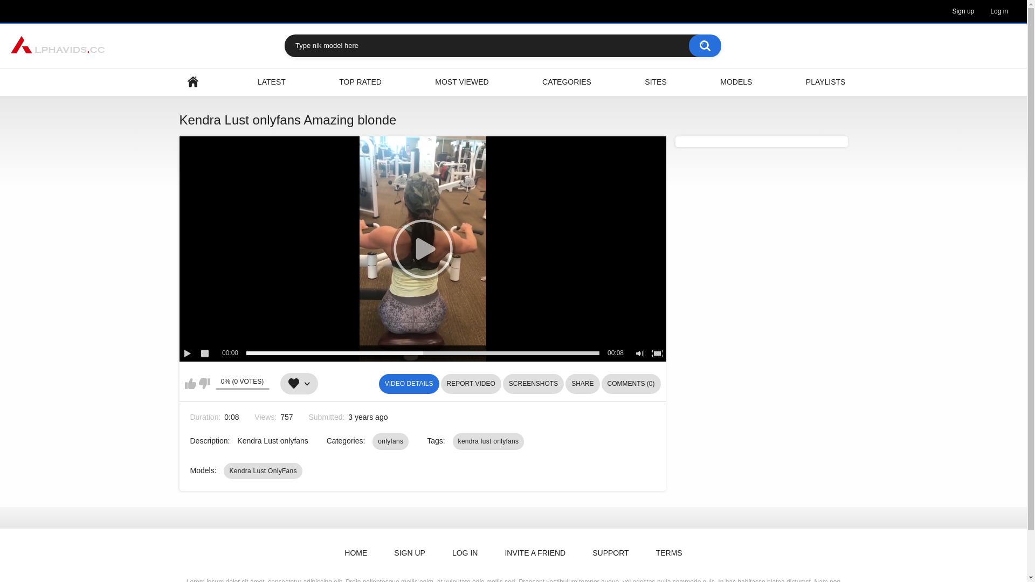 Image resolution: width=1035 pixels, height=582 pixels. Describe the element at coordinates (190, 383) in the screenshot. I see `'I like this video'` at that location.